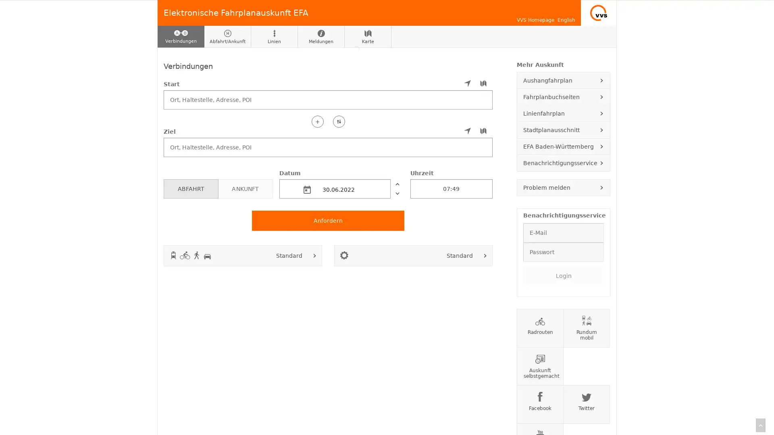  What do you see at coordinates (314, 255) in the screenshot?
I see `Verkehrsmittel auswahlen` at bounding box center [314, 255].